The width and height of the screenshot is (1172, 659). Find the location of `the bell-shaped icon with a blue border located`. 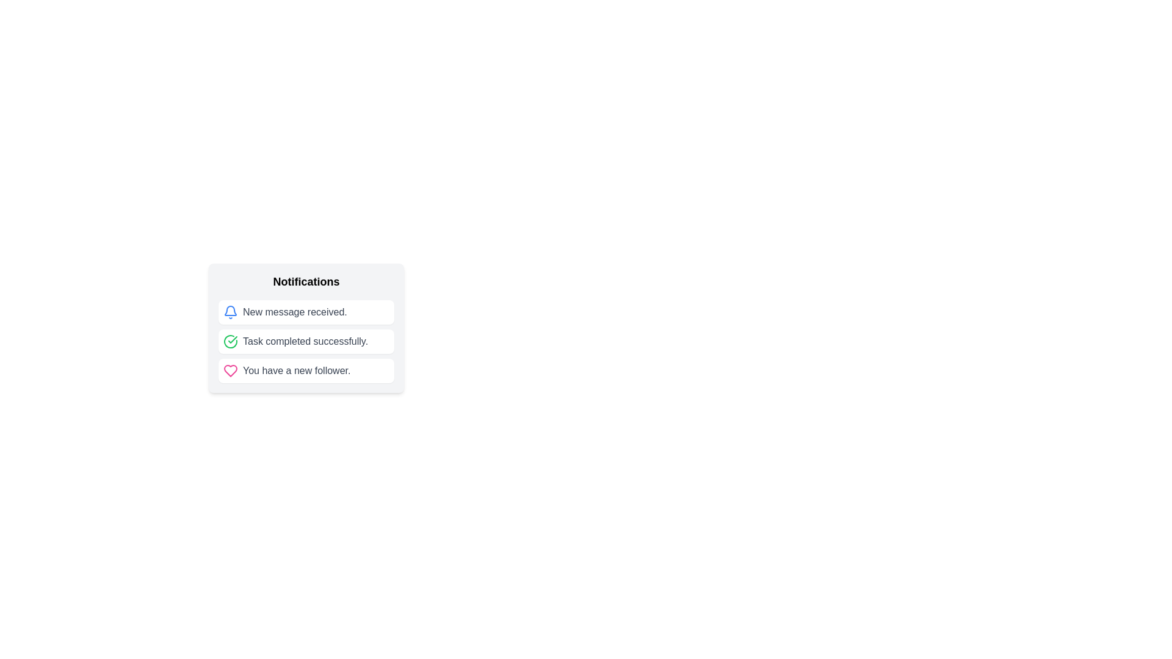

the bell-shaped icon with a blue border located is located at coordinates (231, 310).